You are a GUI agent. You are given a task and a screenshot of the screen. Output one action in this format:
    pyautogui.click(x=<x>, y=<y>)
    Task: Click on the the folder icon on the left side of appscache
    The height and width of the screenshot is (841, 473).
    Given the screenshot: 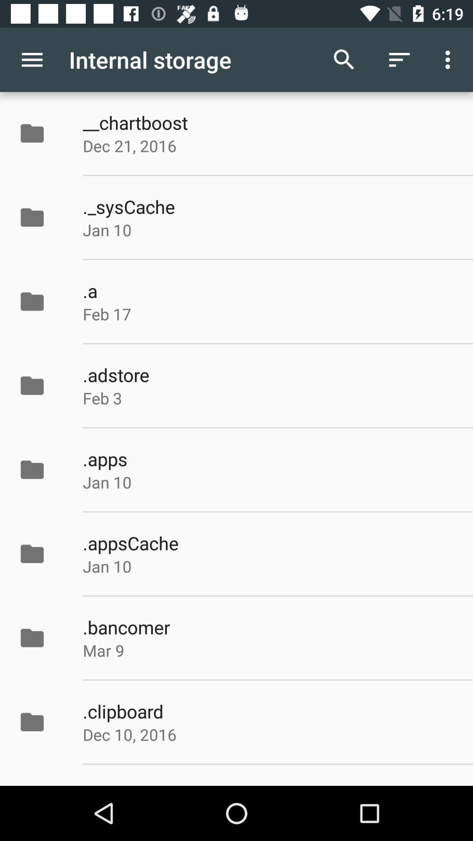 What is the action you would take?
    pyautogui.click(x=41, y=553)
    